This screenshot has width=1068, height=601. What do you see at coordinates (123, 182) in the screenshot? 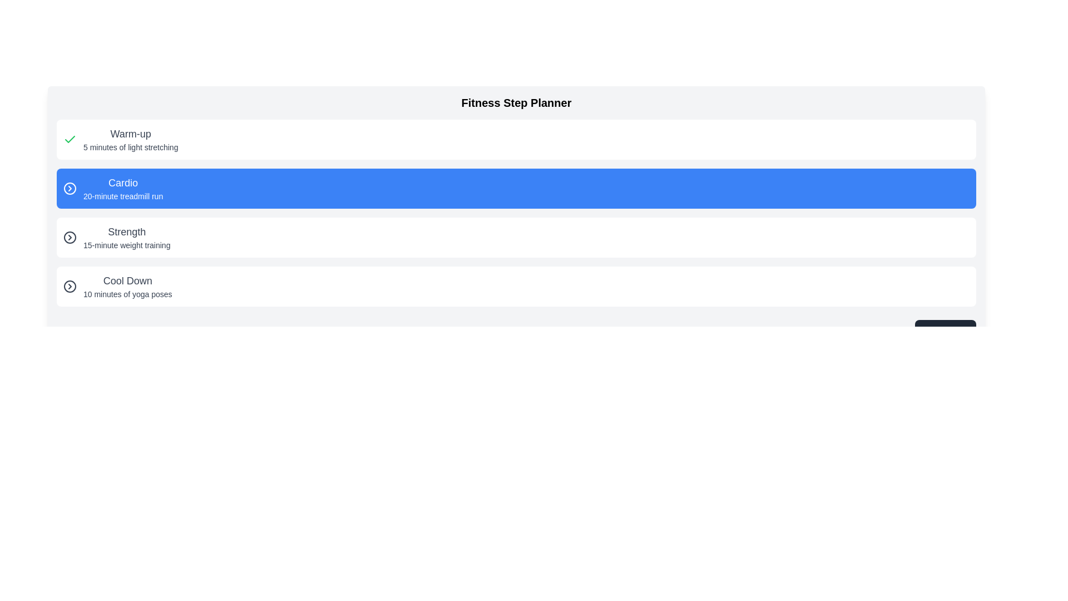
I see `the text label displaying 'Cardio' in bold font with a blue background, located above the '20-minute treadmill run' text` at bounding box center [123, 182].